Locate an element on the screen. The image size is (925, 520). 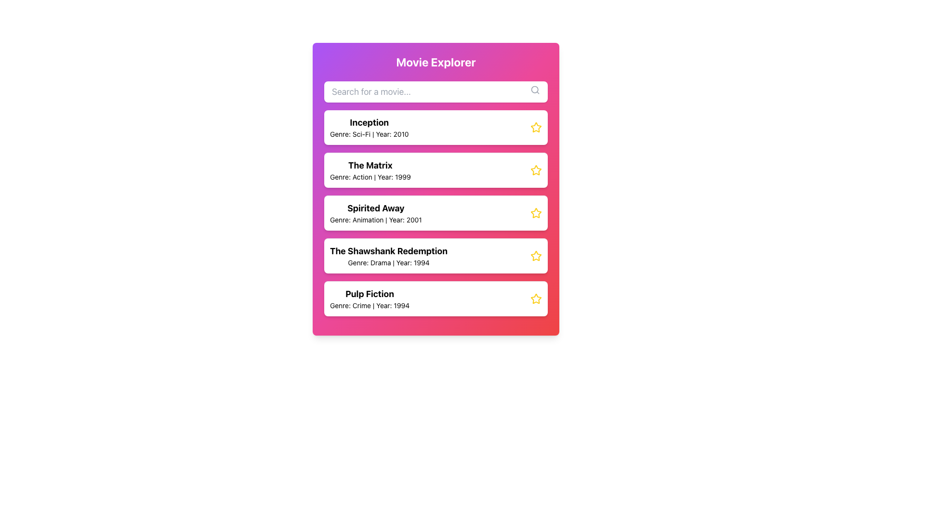
the star icon in the top-right corner of the last movie card is located at coordinates (536, 299).